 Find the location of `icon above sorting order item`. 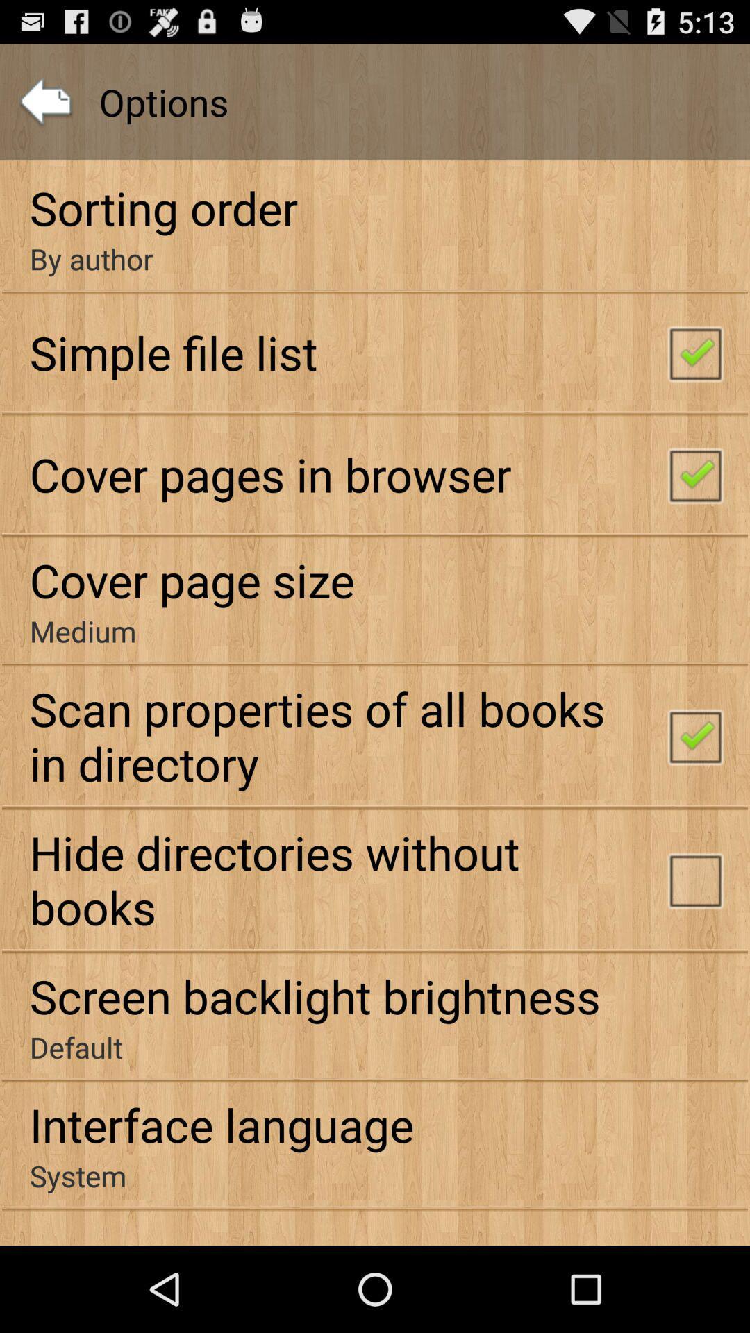

icon above sorting order item is located at coordinates (44, 101).